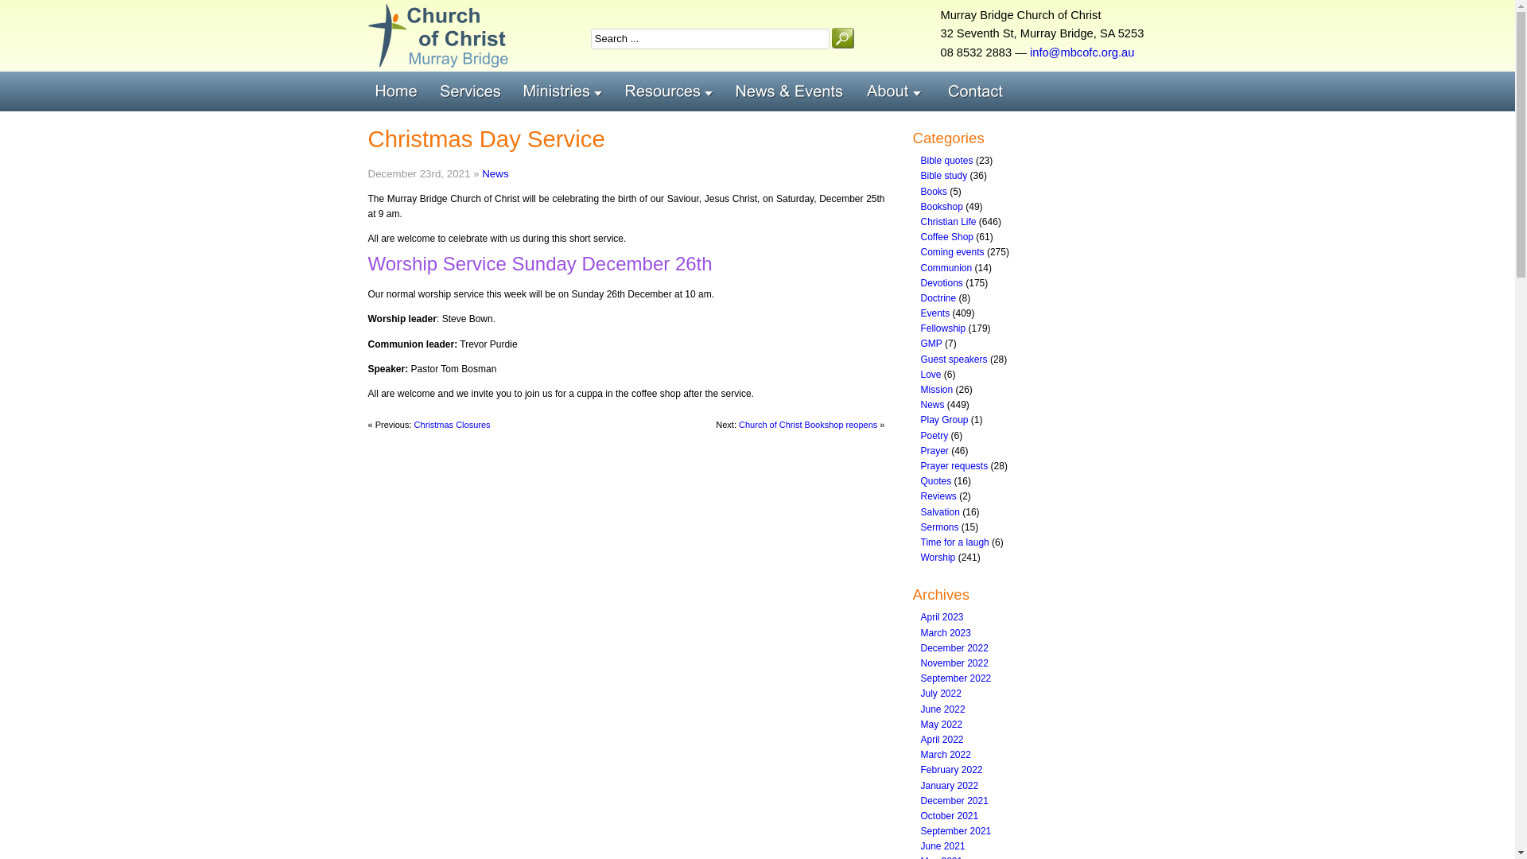  I want to click on 'GMP', so click(931, 343).